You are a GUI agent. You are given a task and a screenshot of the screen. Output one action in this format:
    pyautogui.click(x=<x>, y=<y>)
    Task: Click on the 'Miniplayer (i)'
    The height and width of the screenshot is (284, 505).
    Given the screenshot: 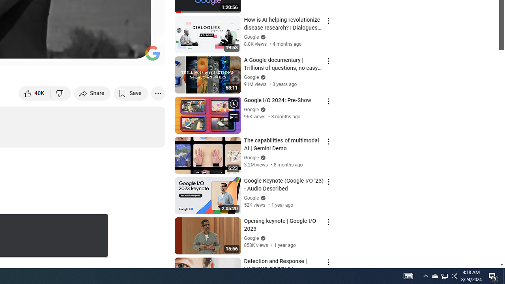 What is the action you would take?
    pyautogui.click(x=112, y=56)
    